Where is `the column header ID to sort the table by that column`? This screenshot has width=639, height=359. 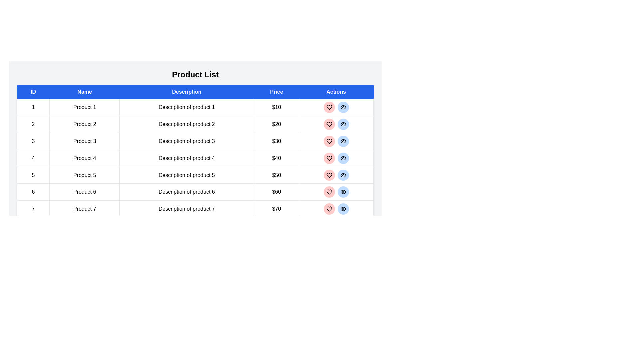
the column header ID to sort the table by that column is located at coordinates (33, 92).